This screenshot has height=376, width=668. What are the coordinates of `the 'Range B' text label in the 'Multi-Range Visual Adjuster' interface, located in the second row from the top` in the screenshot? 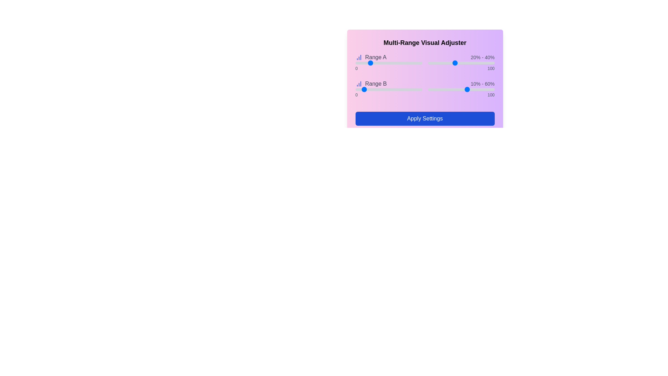 It's located at (371, 83).